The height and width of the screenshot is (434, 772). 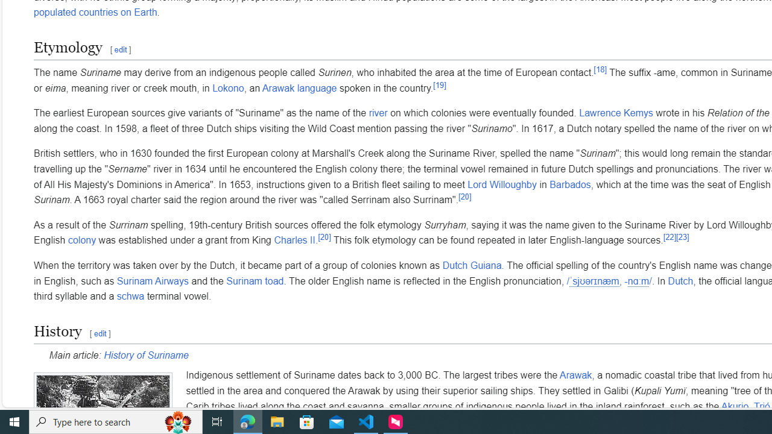 I want to click on 'Dutch Guiana', so click(x=471, y=265).